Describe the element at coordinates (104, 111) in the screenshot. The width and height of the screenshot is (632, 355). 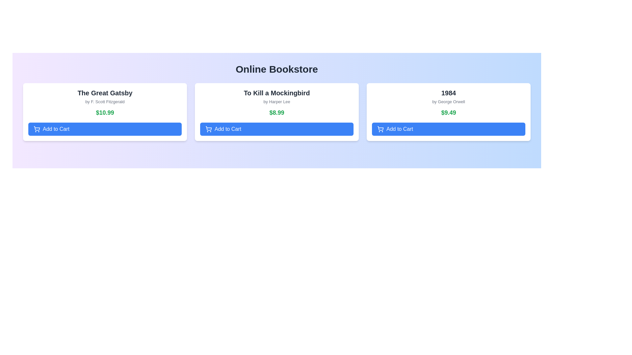
I see `the first book card in the grid layout` at that location.